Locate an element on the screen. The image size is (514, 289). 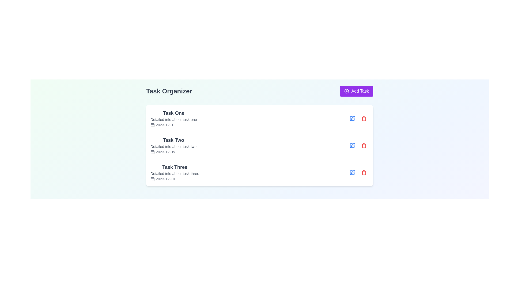
the blue pencil icon button used for editing actions in the 'Task Three' row is located at coordinates (352, 172).